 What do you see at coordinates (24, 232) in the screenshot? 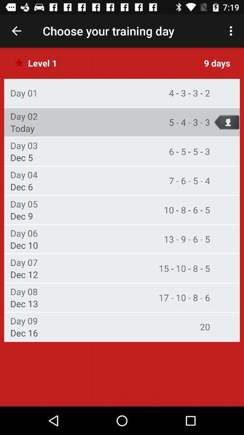
I see `the day 06` at bounding box center [24, 232].